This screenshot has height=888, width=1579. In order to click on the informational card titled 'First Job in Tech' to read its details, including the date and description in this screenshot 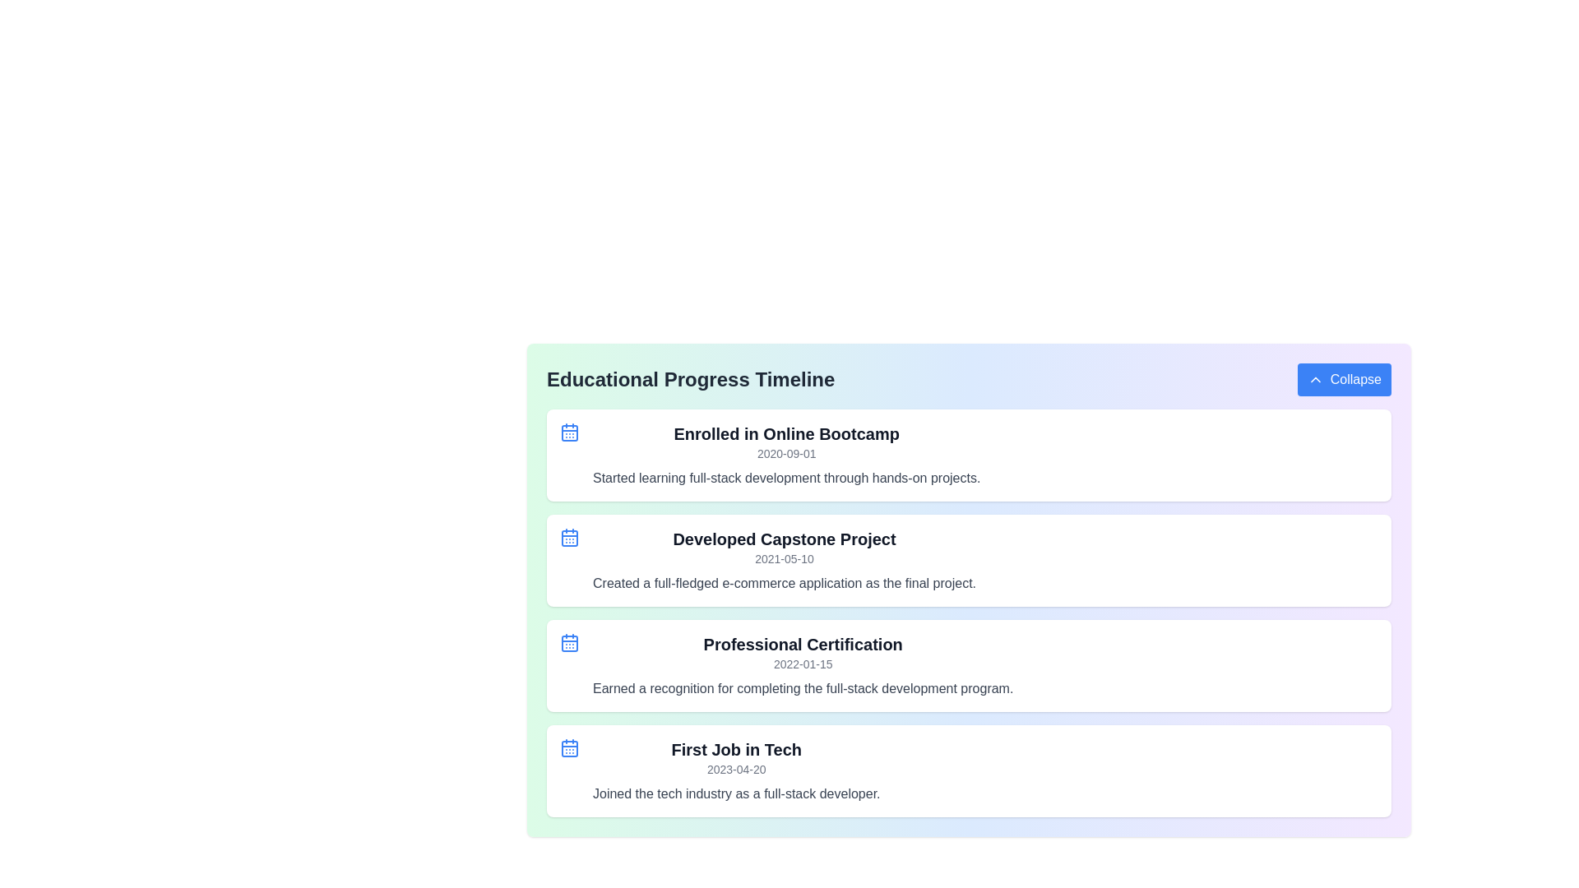, I will do `click(969, 770)`.